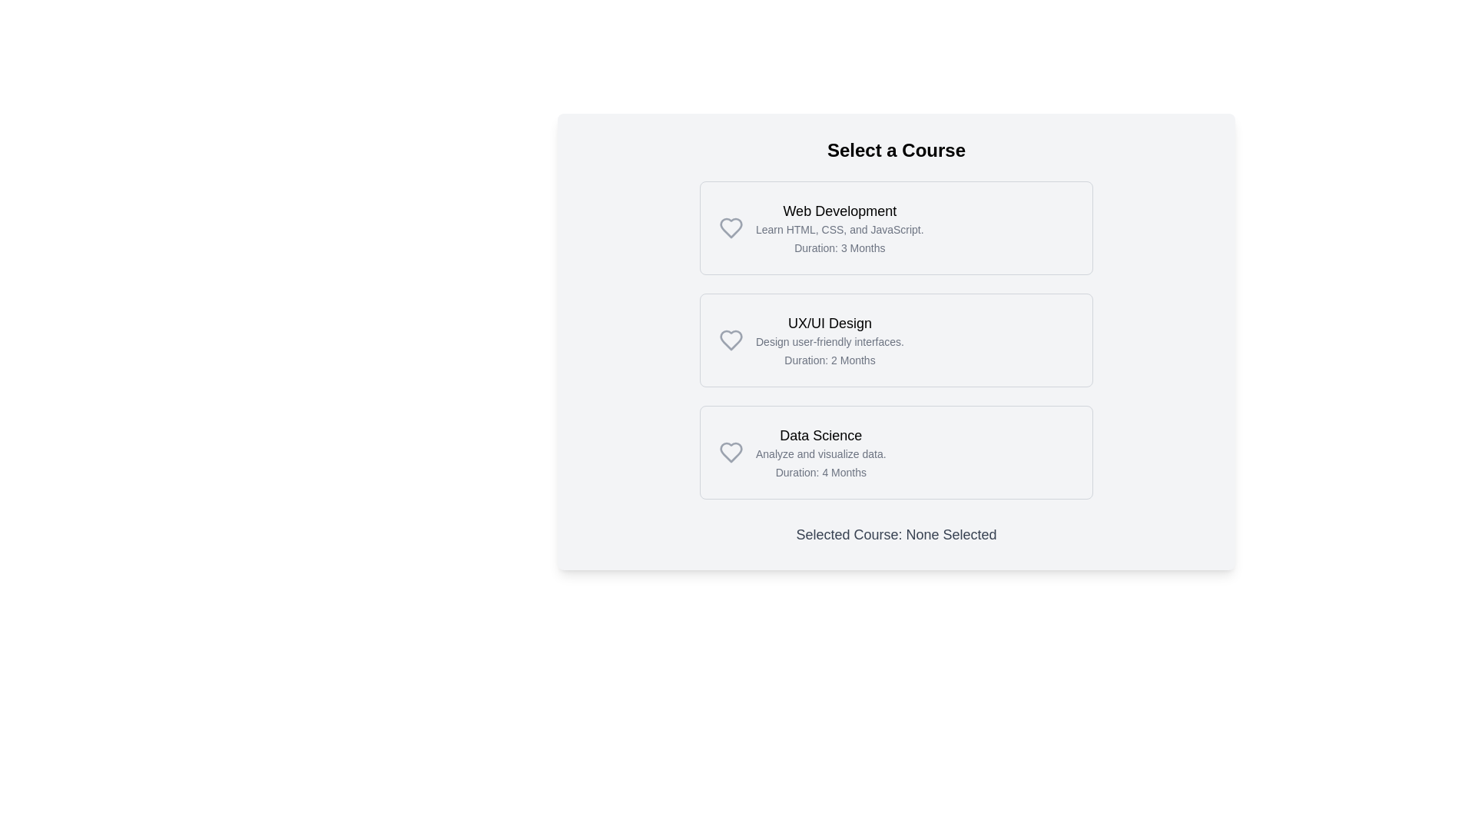  What do you see at coordinates (730, 340) in the screenshot?
I see `the heart-shaped icon that is a line drawing in gray, located to the left of the 'UX/UI Design' course text block` at bounding box center [730, 340].